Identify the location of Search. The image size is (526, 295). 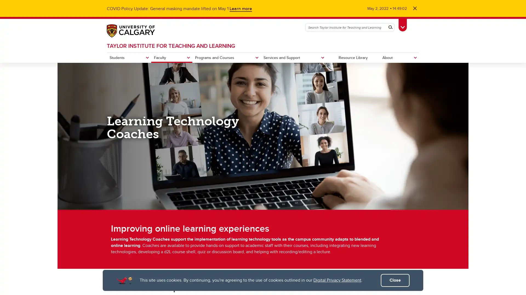
(390, 27).